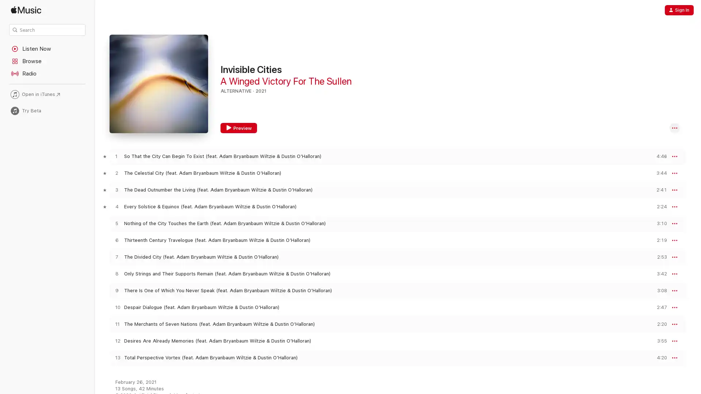 This screenshot has height=394, width=701. I want to click on Preview, so click(659, 223).